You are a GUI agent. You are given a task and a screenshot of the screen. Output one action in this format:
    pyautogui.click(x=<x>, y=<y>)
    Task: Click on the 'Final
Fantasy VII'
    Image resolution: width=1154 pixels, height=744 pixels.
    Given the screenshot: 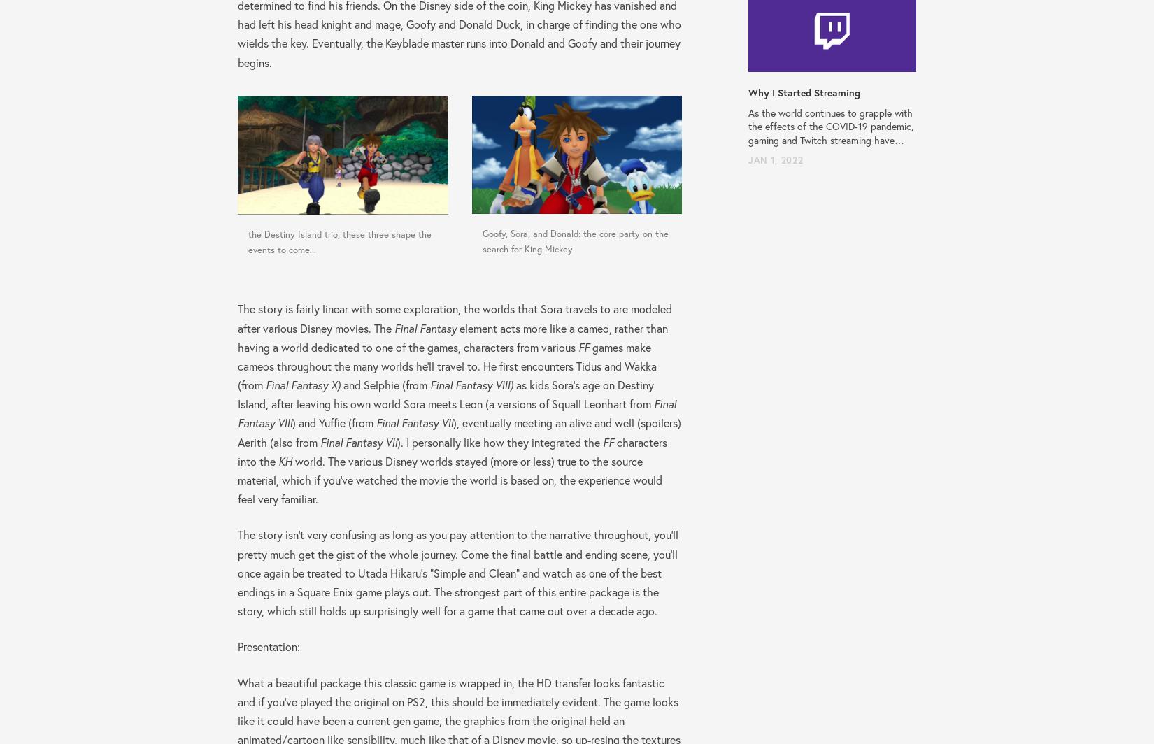 What is the action you would take?
    pyautogui.click(x=376, y=422)
    